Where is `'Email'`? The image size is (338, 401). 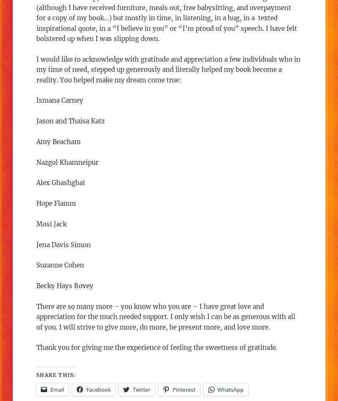 'Email' is located at coordinates (57, 389).